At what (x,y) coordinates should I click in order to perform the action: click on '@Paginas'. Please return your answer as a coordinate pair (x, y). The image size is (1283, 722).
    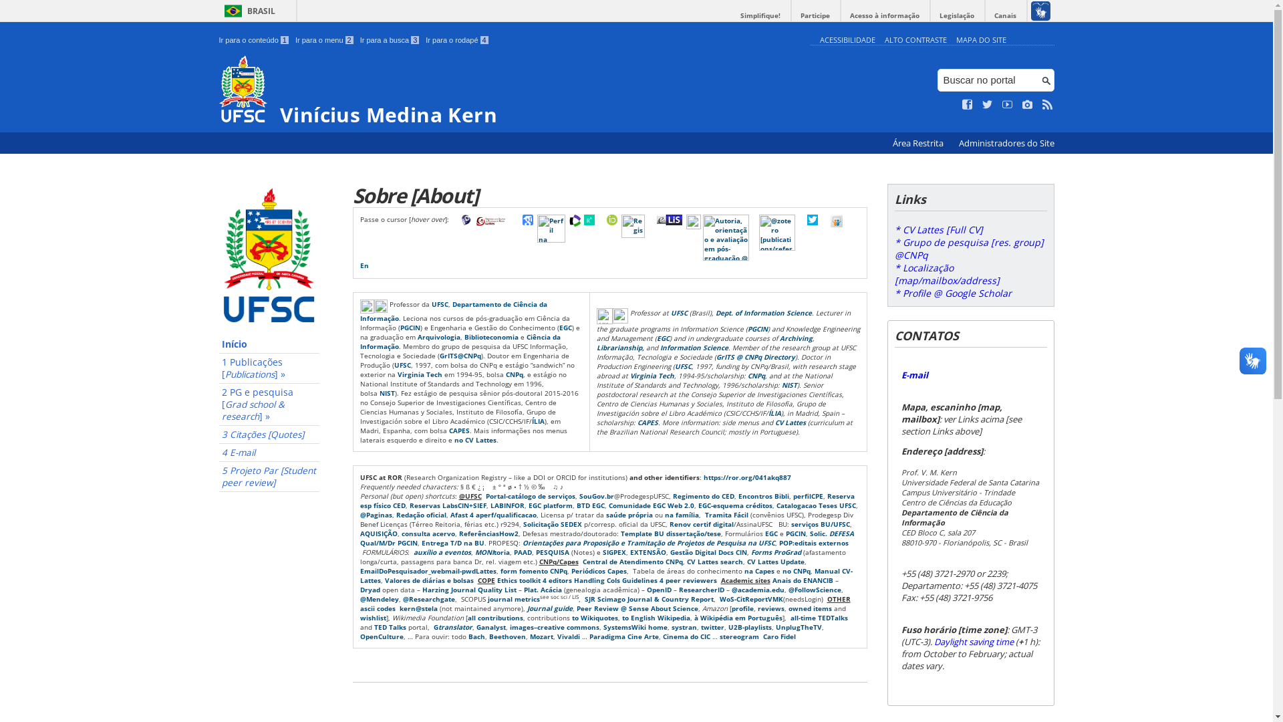
    Looking at the image, I should click on (374, 514).